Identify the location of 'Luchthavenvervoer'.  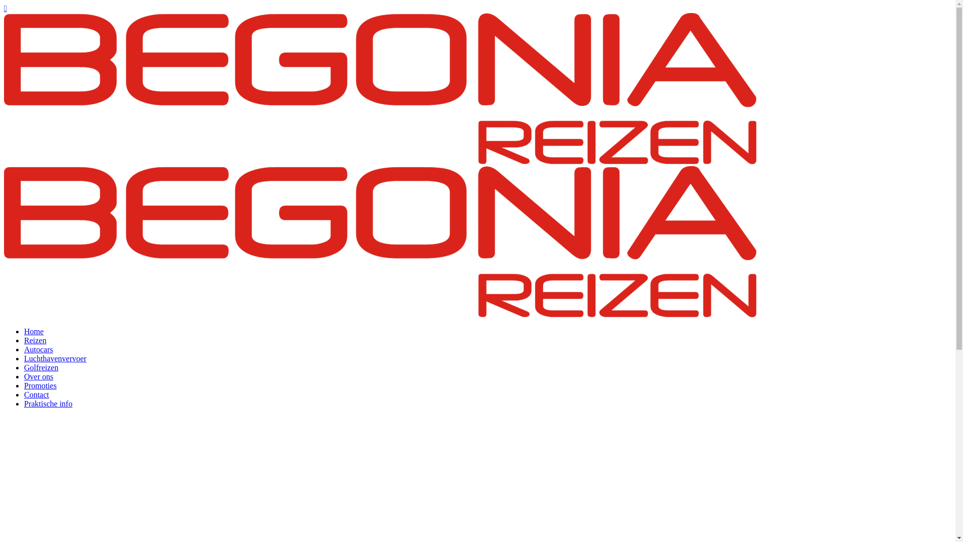
(55, 358).